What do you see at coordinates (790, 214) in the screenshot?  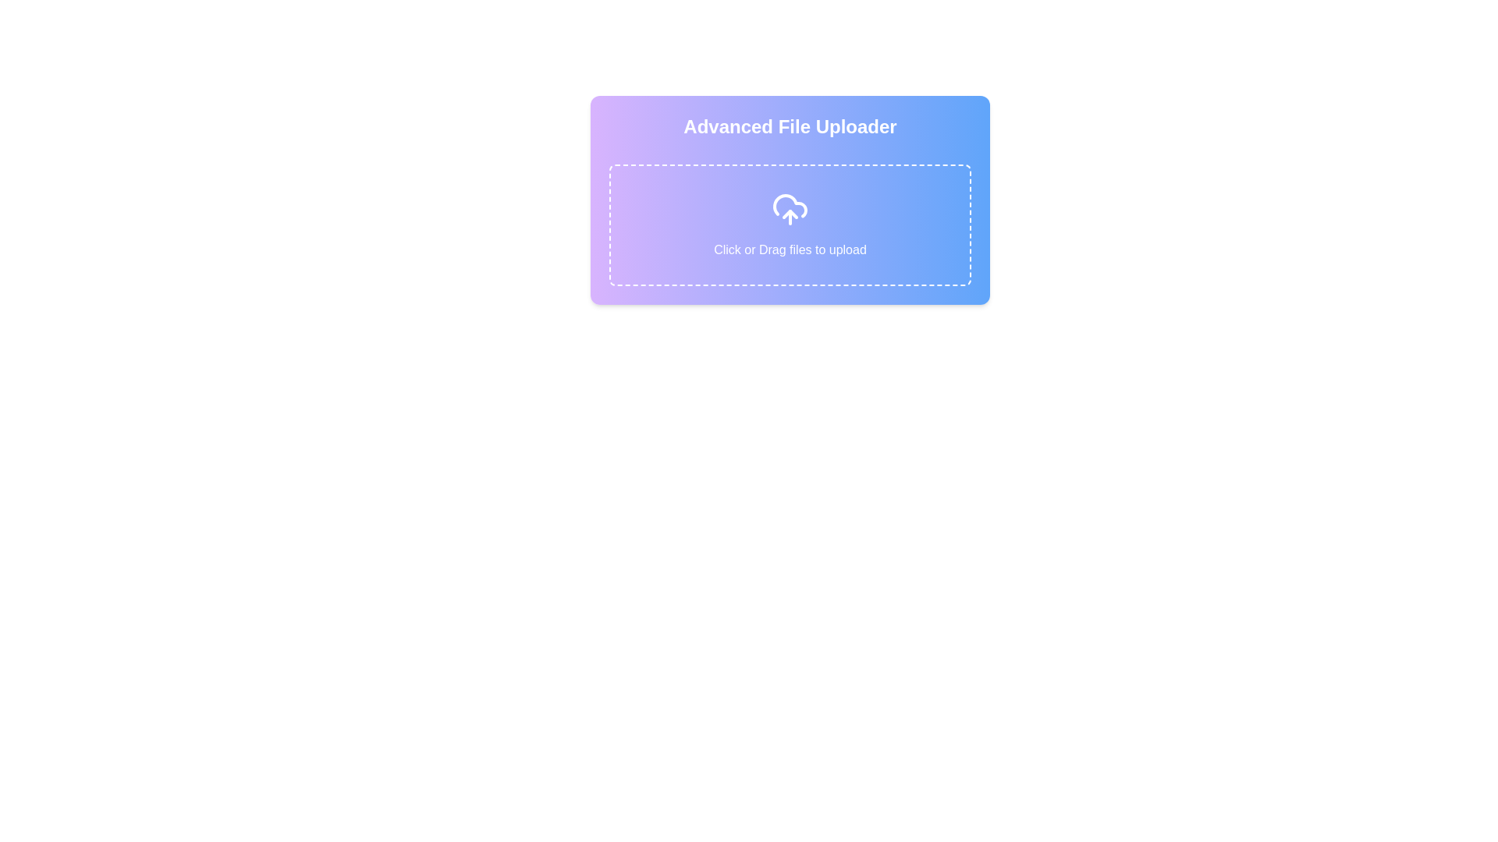 I see `the decorative icon featuring an upward-pointing arrow within a cloud, which suggests an upload action` at bounding box center [790, 214].